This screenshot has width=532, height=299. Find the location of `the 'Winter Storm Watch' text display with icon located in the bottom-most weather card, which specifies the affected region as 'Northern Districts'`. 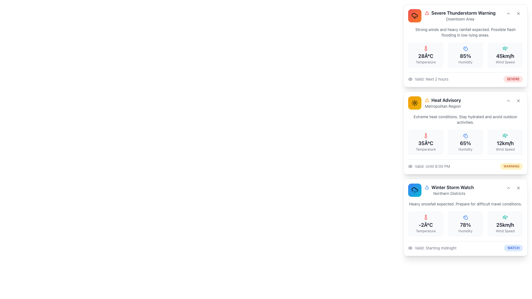

the 'Winter Storm Watch' text display with icon located in the bottom-most weather card, which specifies the affected region as 'Northern Districts' is located at coordinates (449, 190).